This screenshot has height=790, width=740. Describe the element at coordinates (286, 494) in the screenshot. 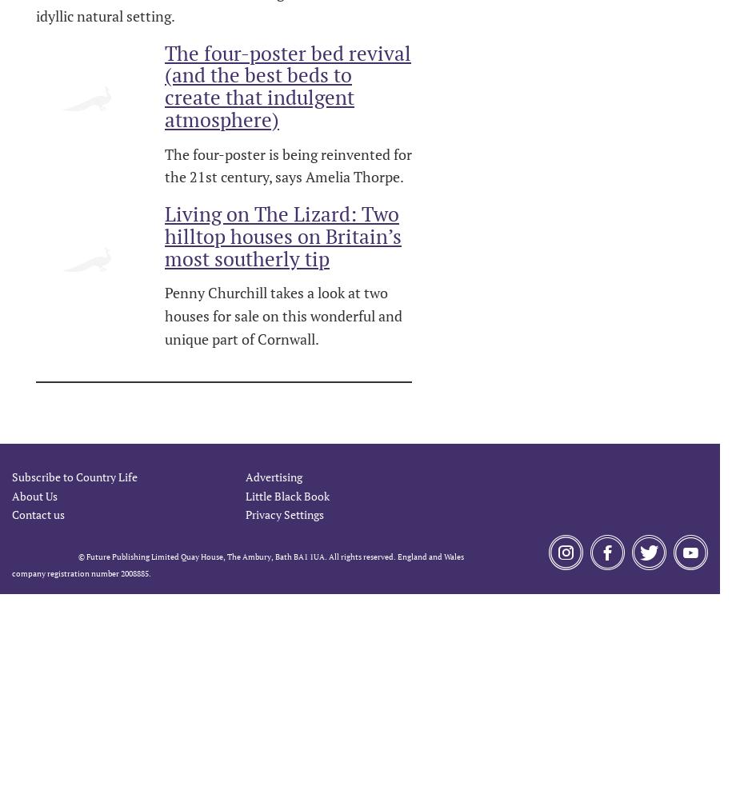

I see `'Little Black Book'` at that location.